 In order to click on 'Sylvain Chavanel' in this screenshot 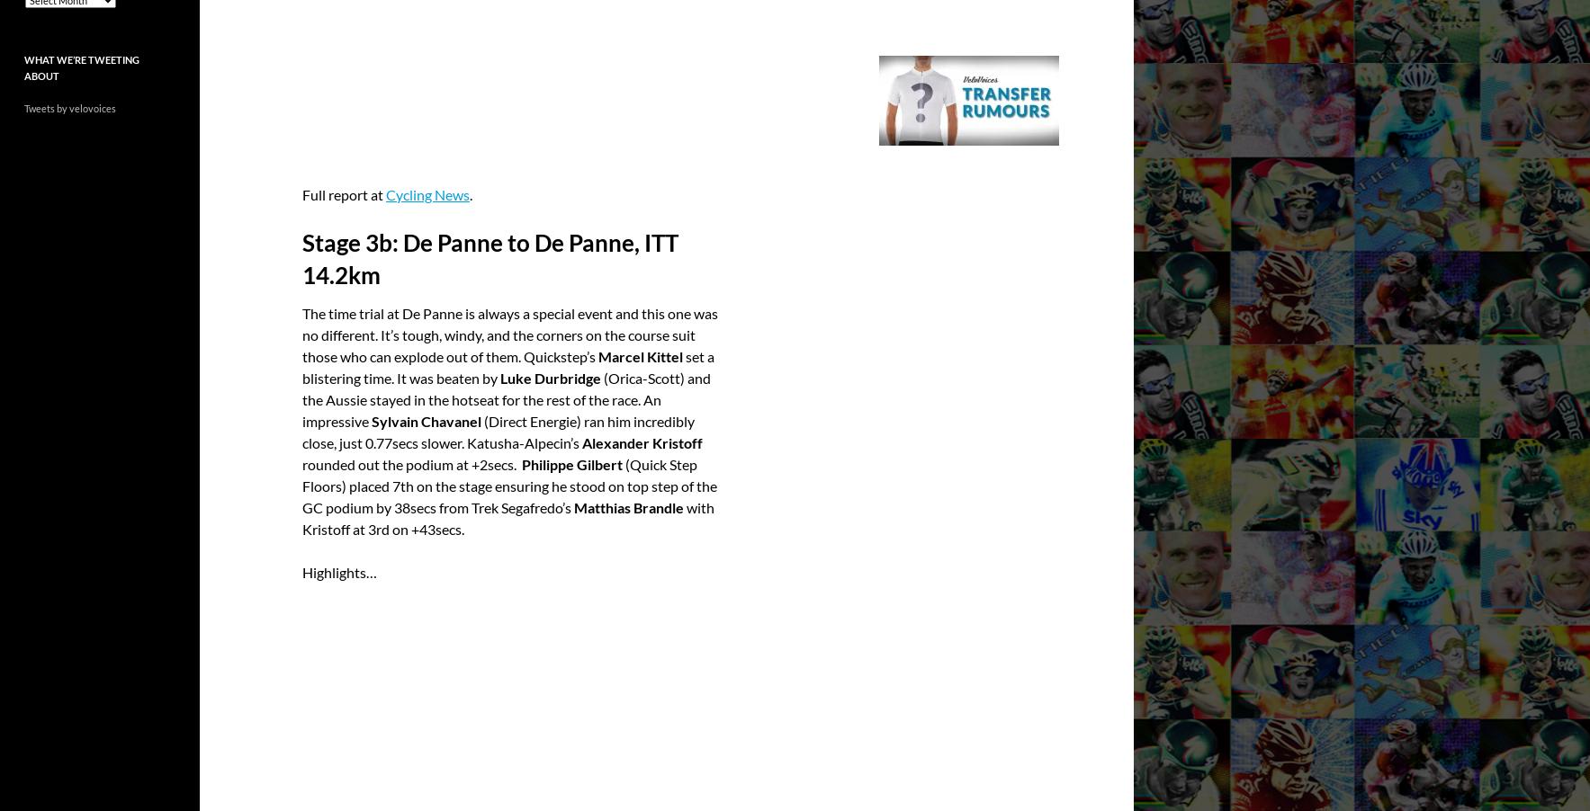, I will do `click(371, 419)`.